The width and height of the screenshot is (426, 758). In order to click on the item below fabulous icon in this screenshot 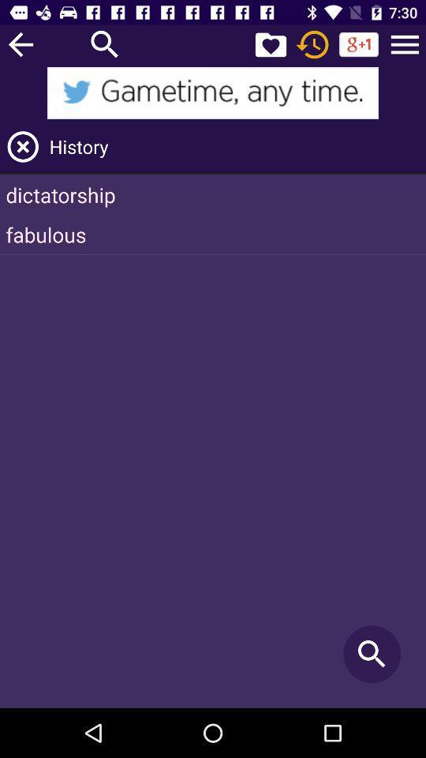, I will do `click(372, 654)`.